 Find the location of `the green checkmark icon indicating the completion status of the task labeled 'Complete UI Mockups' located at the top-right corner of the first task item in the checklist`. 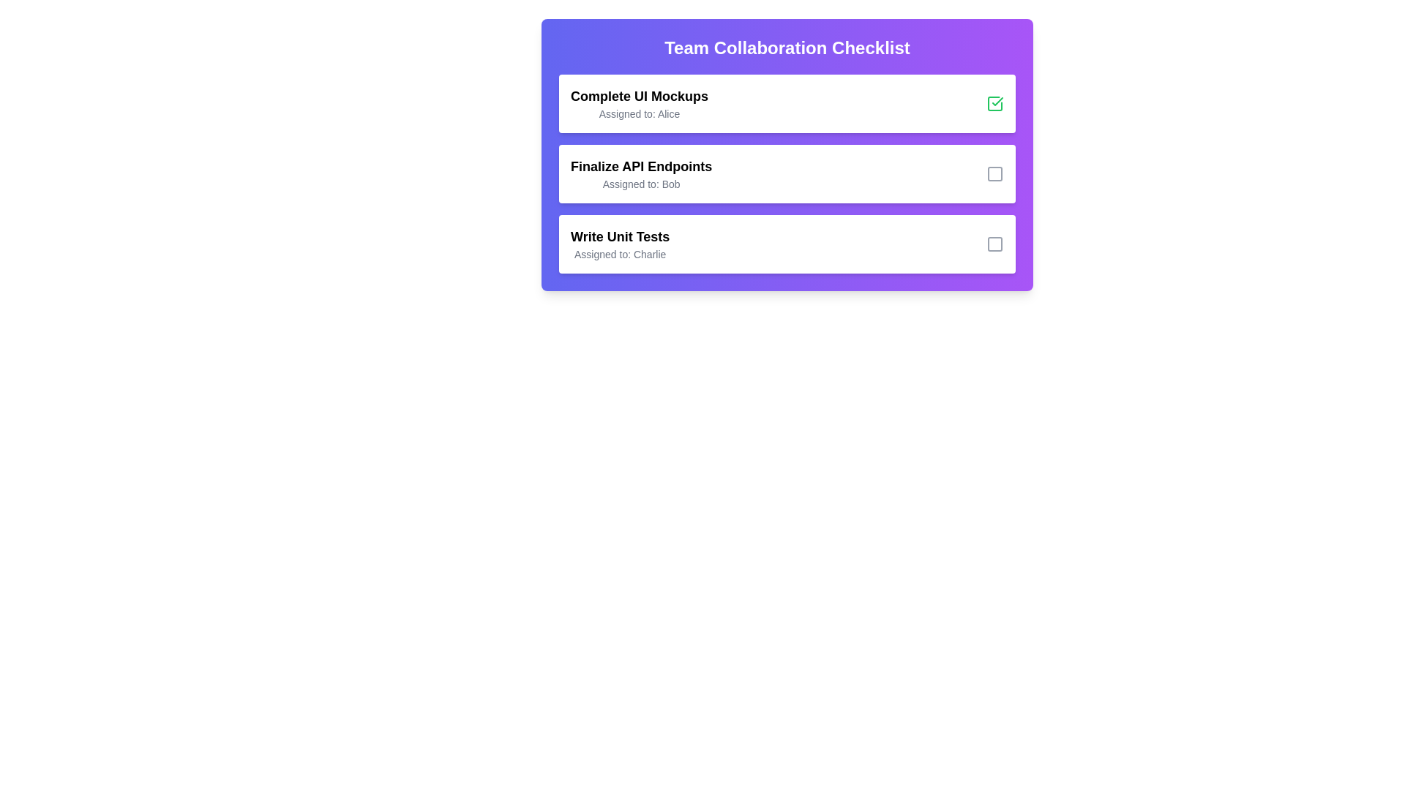

the green checkmark icon indicating the completion status of the task labeled 'Complete UI Mockups' located at the top-right corner of the first task item in the checklist is located at coordinates (997, 100).